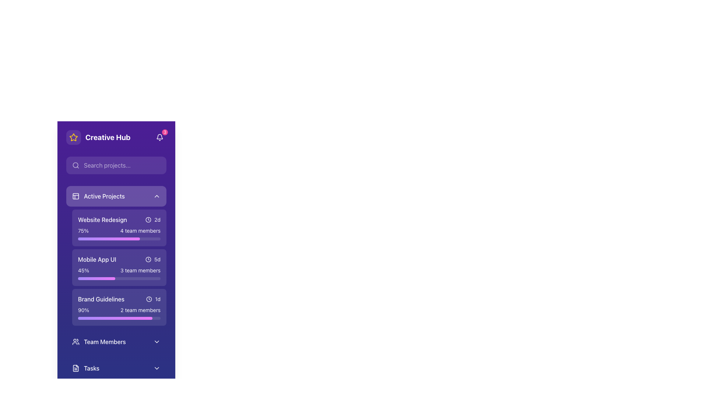  I want to click on the time indicator text element with an adjacent icon located in the upper-right region of the 'Website Redesign' section, so click(152, 219).